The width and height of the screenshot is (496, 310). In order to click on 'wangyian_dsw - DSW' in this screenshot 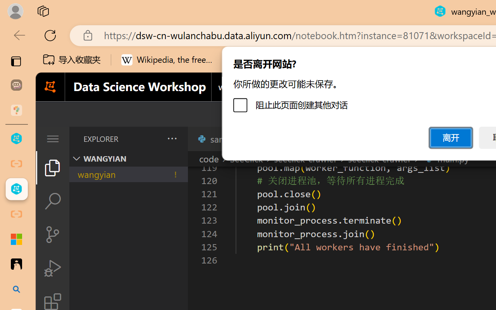, I will do `click(16, 139)`.